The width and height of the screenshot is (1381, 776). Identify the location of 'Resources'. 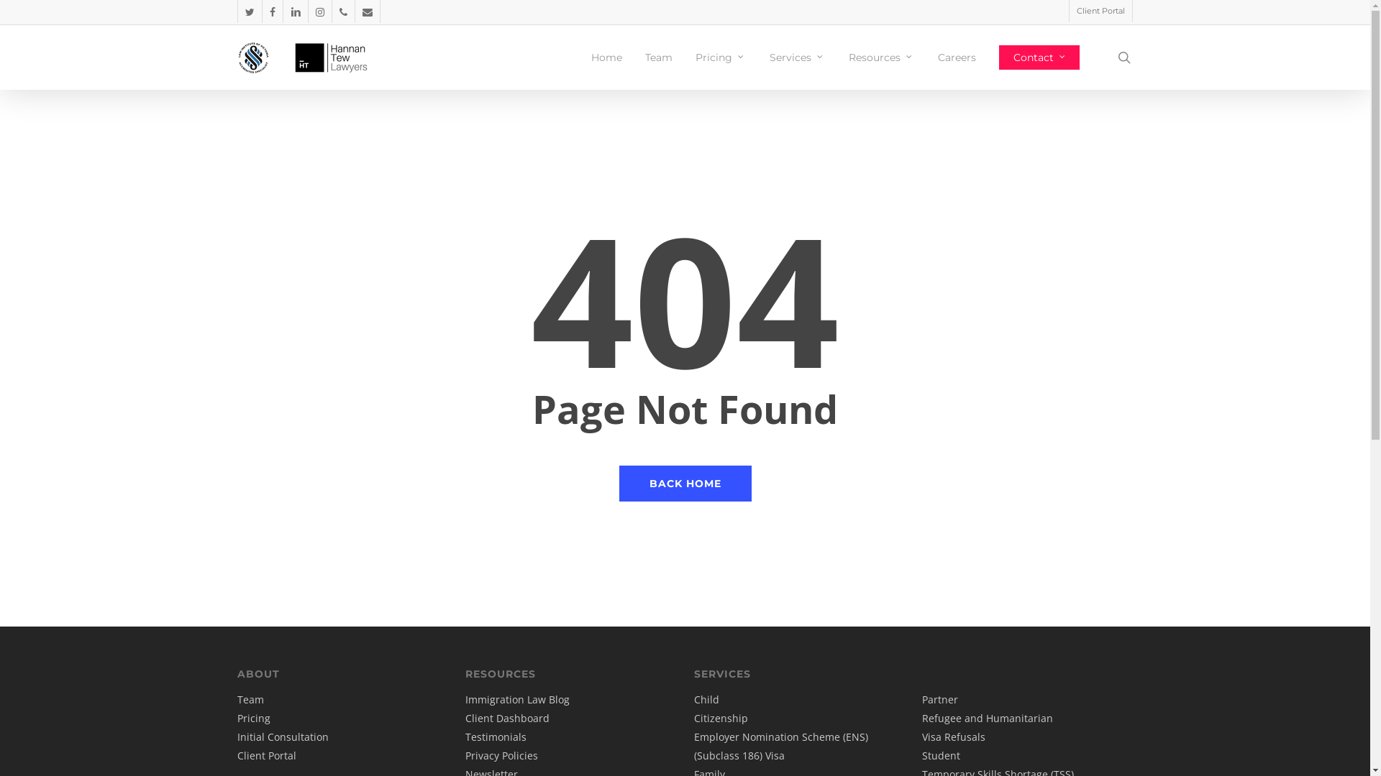
(849, 57).